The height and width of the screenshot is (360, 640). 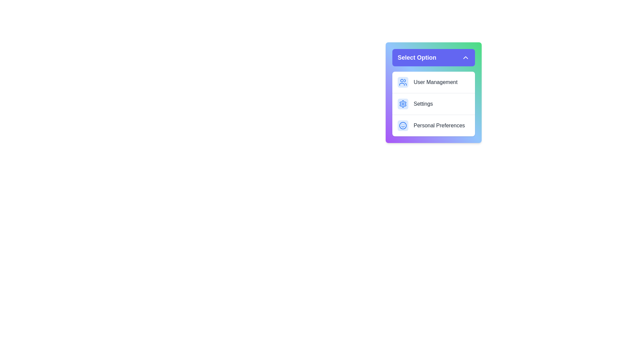 I want to click on the 'User Management' label in the selection menu, so click(x=435, y=82).